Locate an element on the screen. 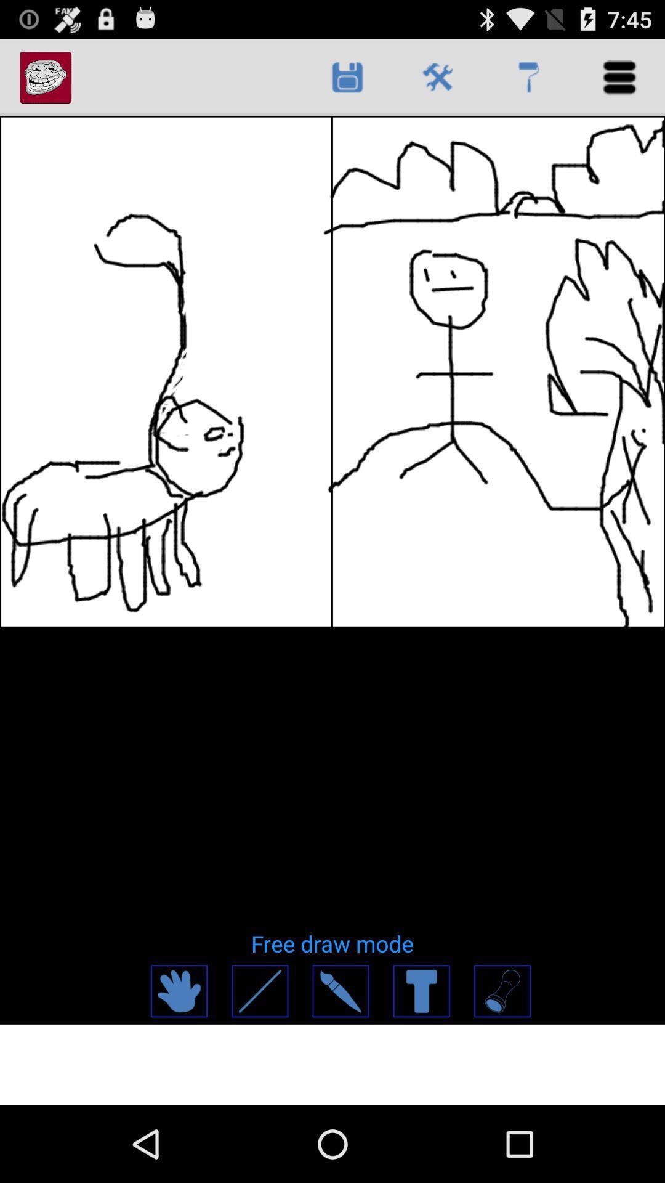 The image size is (665, 1183). access paintbrush is located at coordinates (340, 991).